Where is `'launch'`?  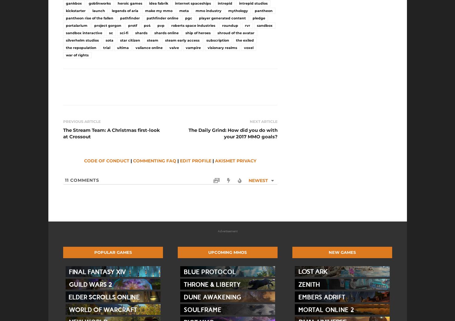
'launch' is located at coordinates (98, 10).